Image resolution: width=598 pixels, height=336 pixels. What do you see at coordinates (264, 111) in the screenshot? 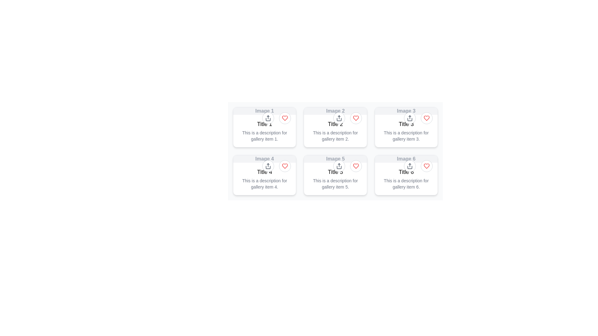
I see `the text label that identifies the image within the first card of the gallery, located centrally at the top of the card` at bounding box center [264, 111].